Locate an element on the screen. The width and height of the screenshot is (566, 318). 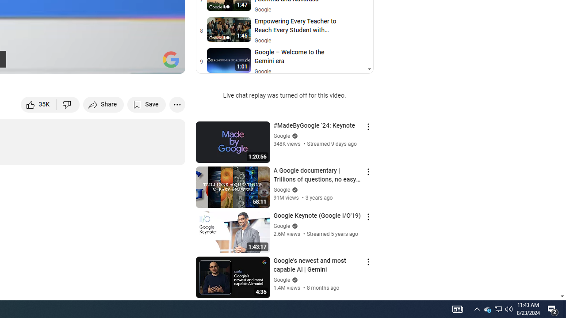
'More actions' is located at coordinates (177, 104).